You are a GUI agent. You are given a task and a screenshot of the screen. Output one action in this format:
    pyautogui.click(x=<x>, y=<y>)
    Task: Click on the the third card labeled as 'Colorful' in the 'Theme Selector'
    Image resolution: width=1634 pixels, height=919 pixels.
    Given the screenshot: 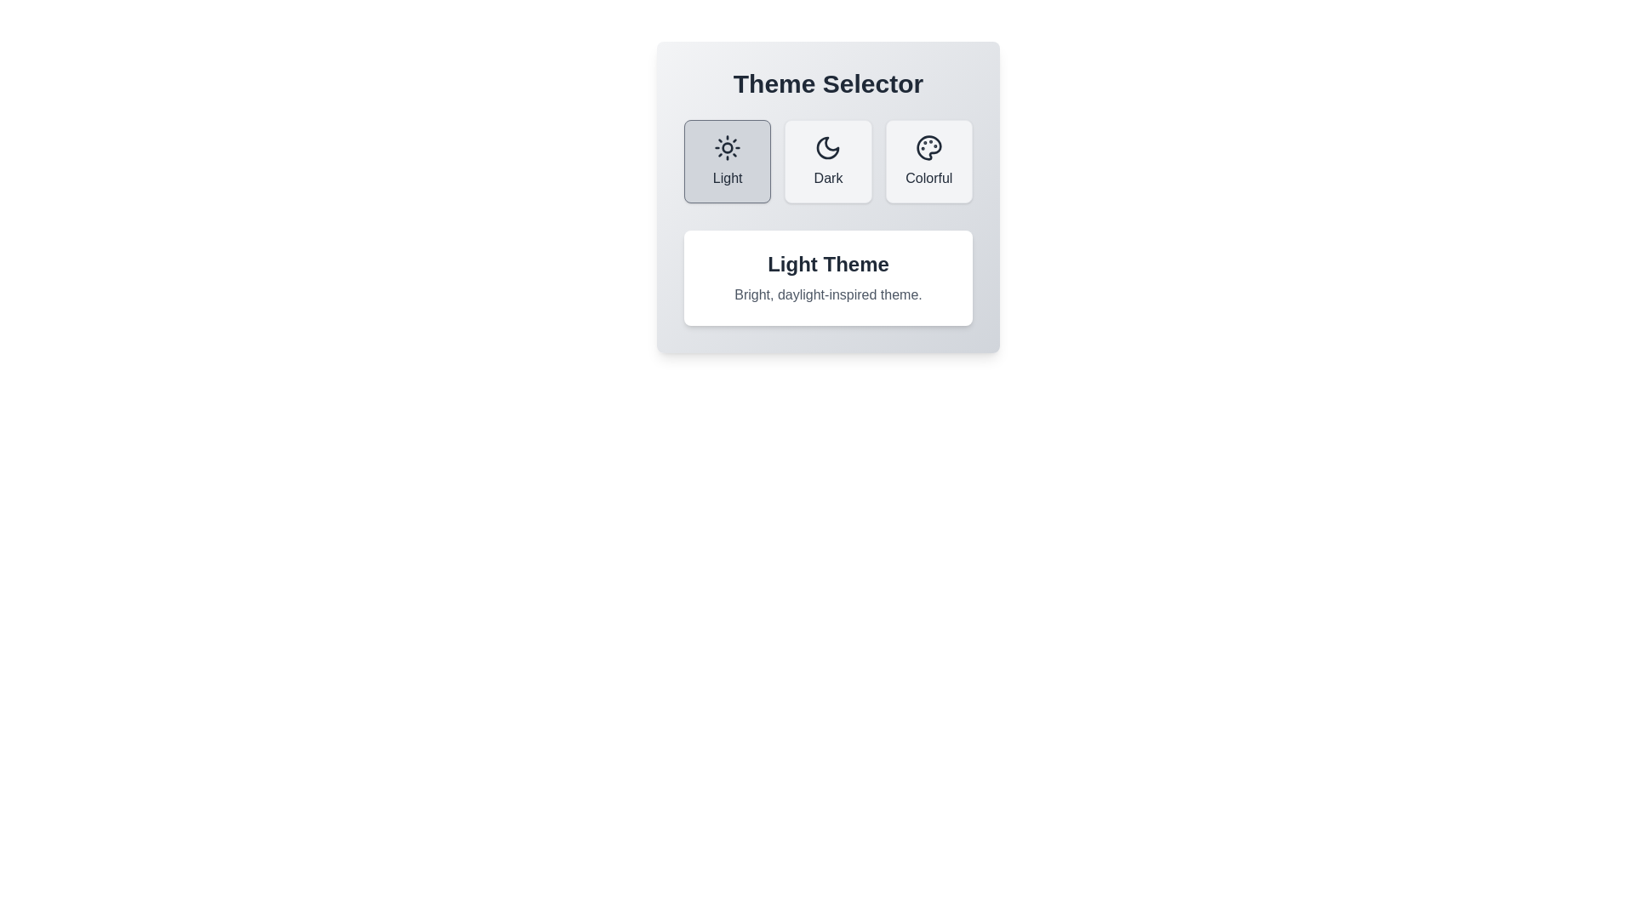 What is the action you would take?
    pyautogui.click(x=928, y=161)
    